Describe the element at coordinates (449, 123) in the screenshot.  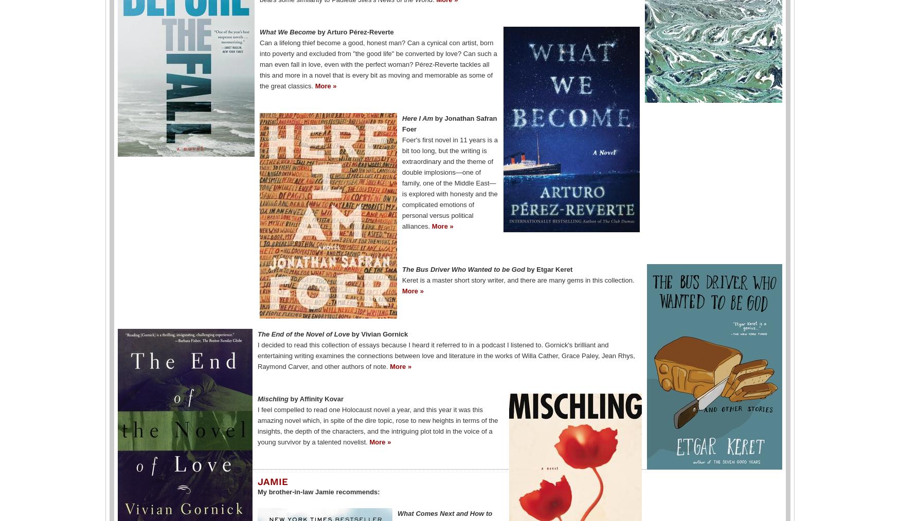
I see `'by Jonathan Safran Foer'` at that location.